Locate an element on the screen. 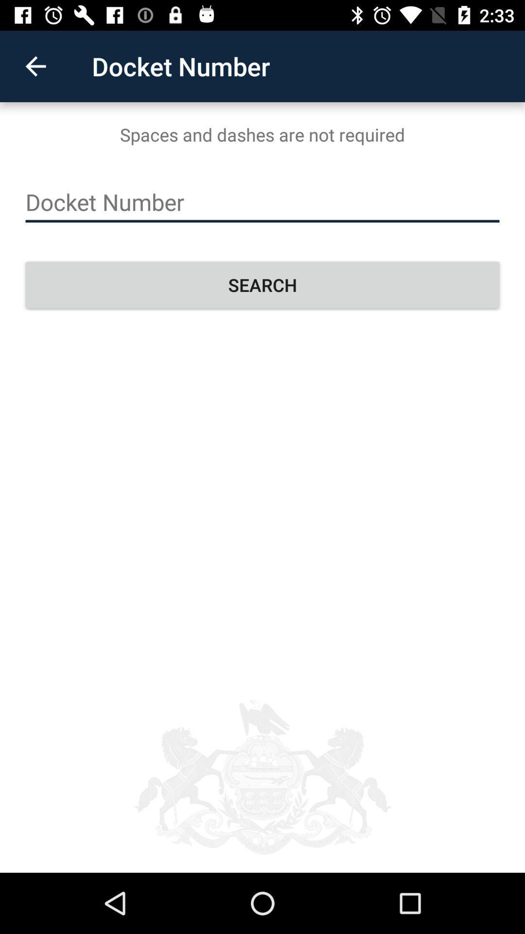 Image resolution: width=525 pixels, height=934 pixels. the icon to the left of the docket number icon is located at coordinates (35, 66).